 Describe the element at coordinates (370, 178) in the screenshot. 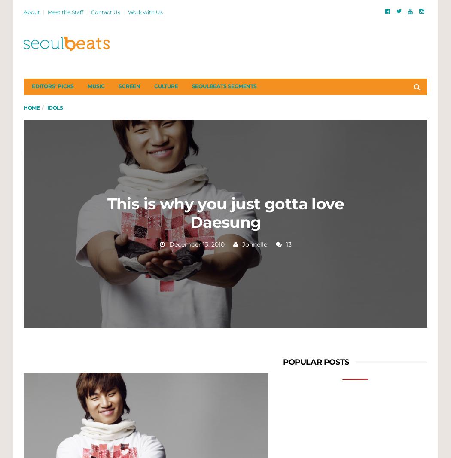

I see `'The SB Mixtape, 10/19/2023: Catharsis'` at that location.